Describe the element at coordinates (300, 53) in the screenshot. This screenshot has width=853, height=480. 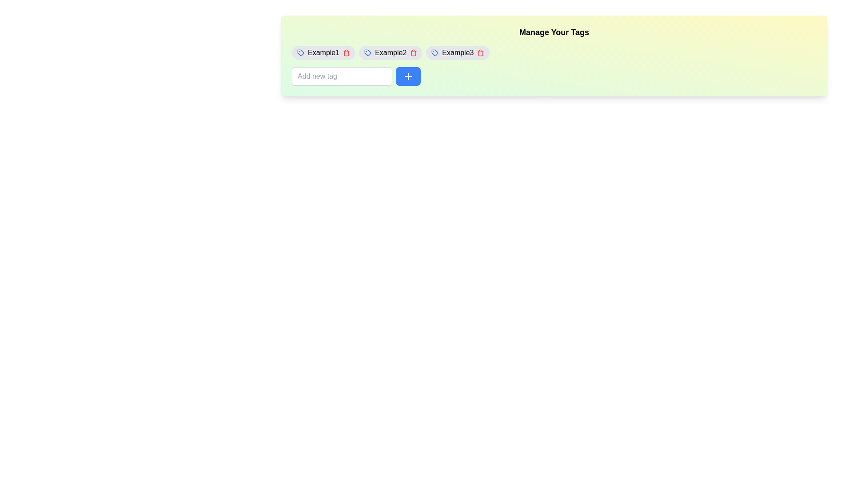
I see `SVG icon depicting a blue tag symbol located beside the label 'Example1', positioned in the top-left region of the card` at that location.